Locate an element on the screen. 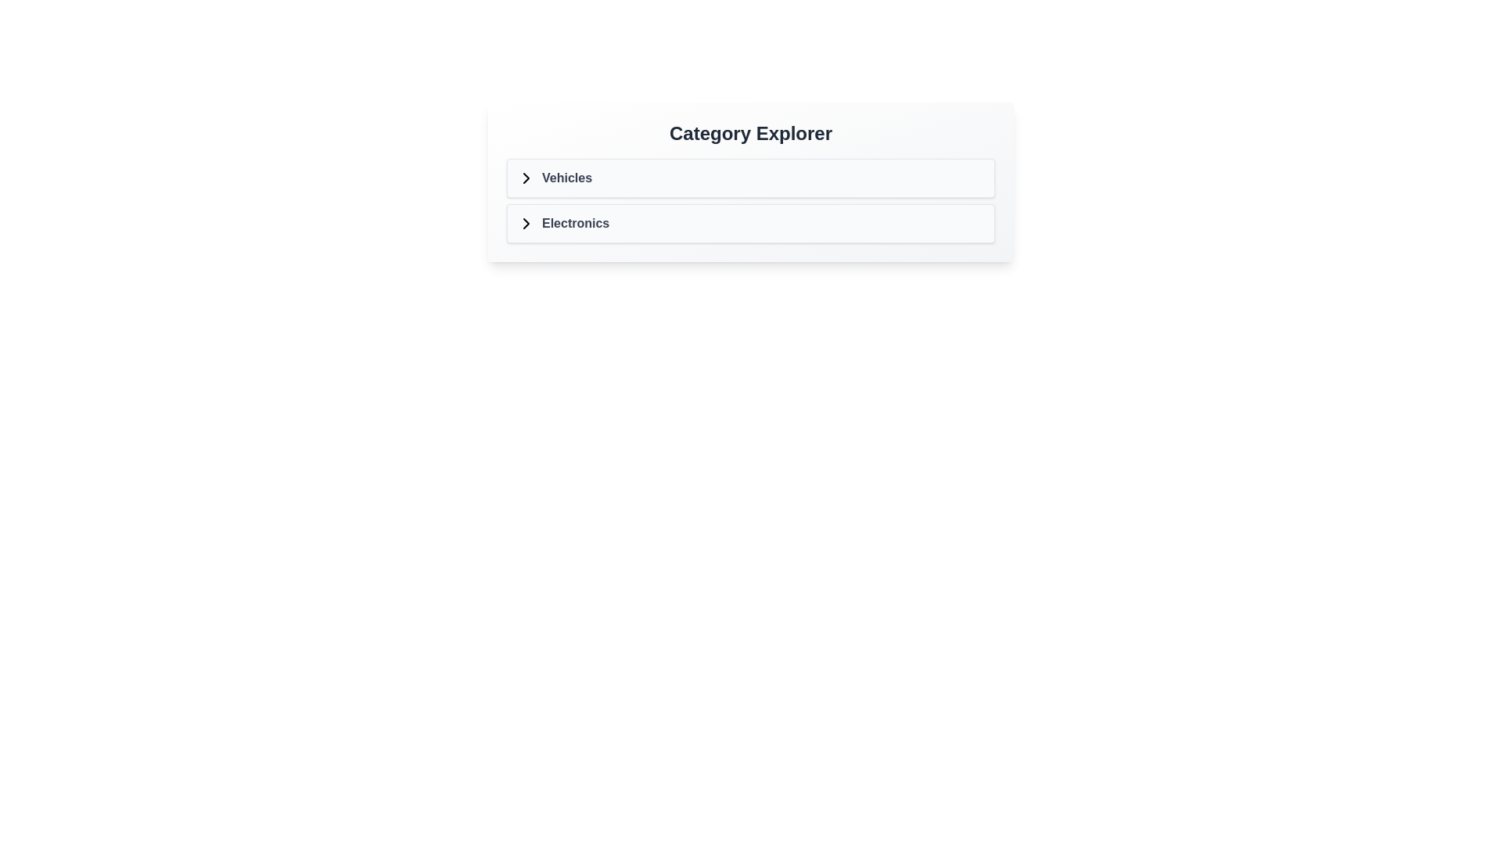 This screenshot has height=845, width=1502. the 'Electronics' category selector element, which is the second entry under the 'Category Explorer' heading, located directly beneath the 'Vehicles' entry is located at coordinates (563, 223).